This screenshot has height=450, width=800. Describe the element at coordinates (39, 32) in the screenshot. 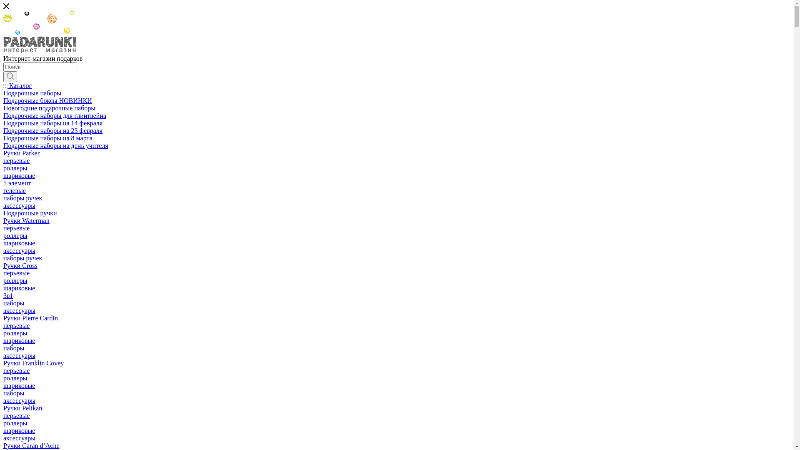

I see `'padarunki'` at that location.